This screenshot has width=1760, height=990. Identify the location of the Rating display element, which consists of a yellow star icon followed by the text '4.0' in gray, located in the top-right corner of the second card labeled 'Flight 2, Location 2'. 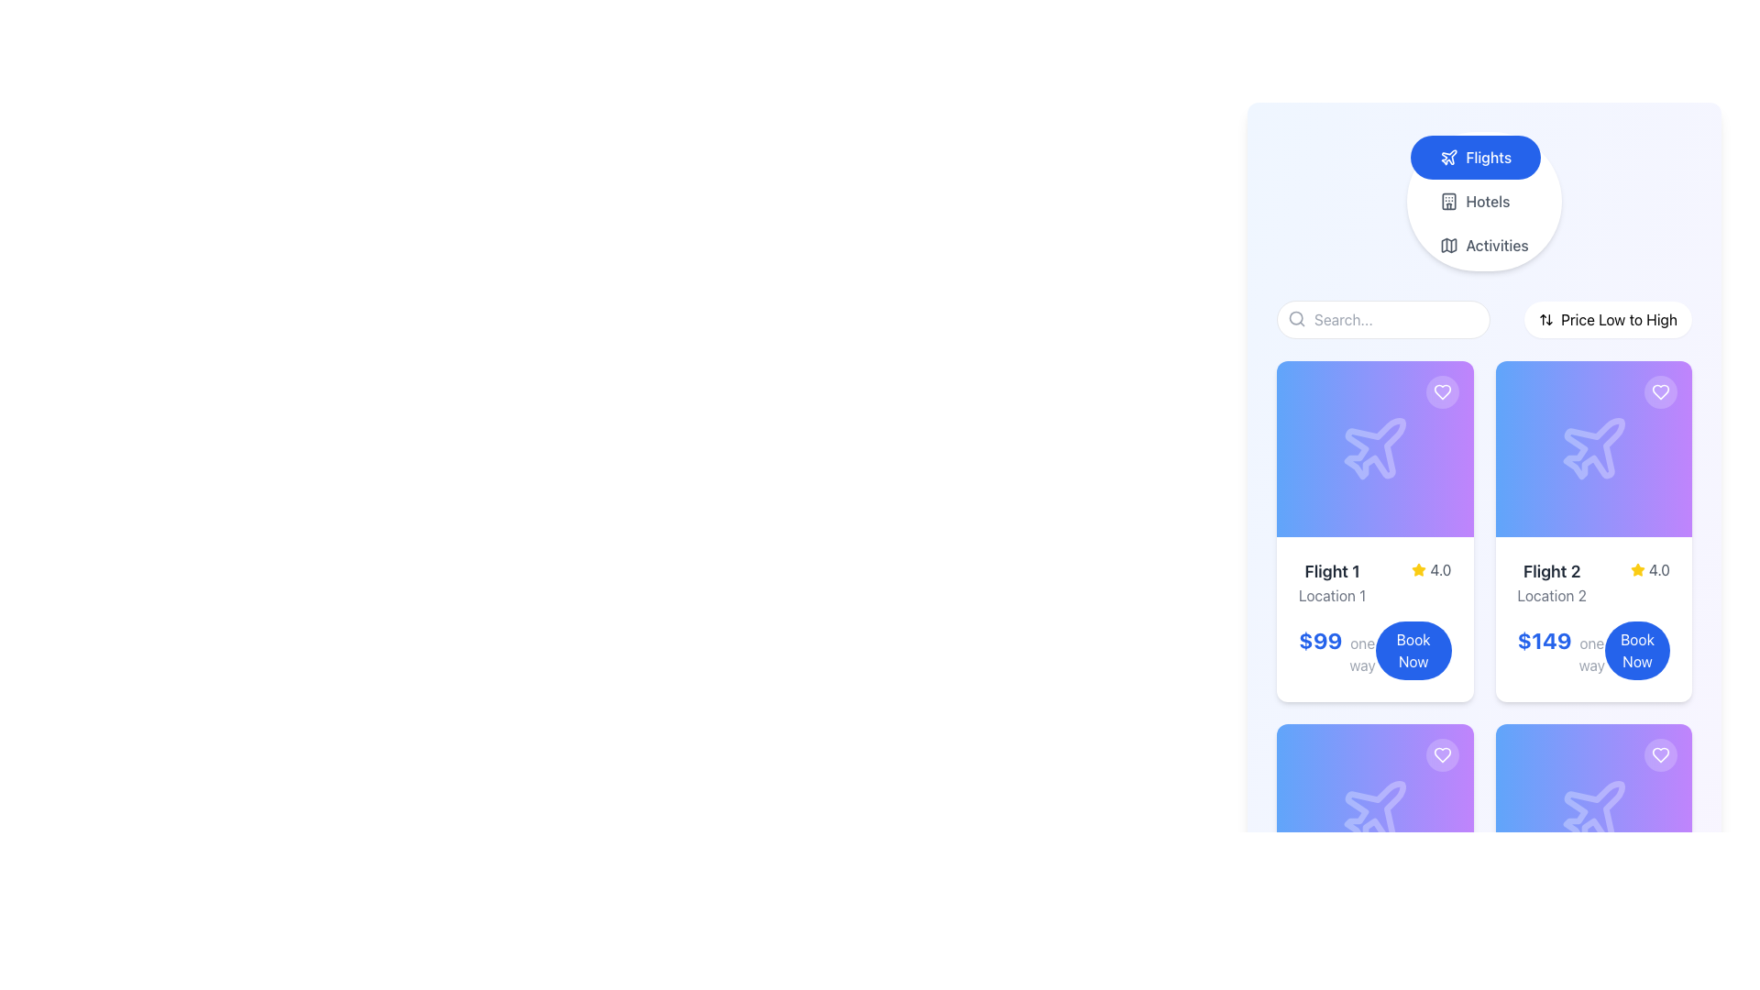
(1650, 568).